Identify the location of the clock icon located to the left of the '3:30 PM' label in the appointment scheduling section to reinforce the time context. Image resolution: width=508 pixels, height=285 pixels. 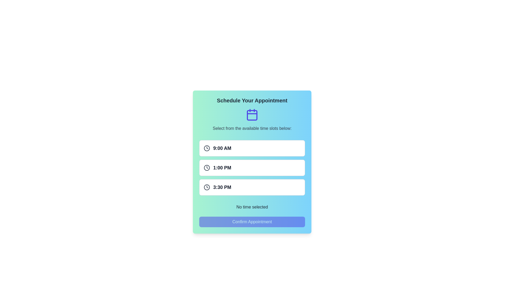
(207, 187).